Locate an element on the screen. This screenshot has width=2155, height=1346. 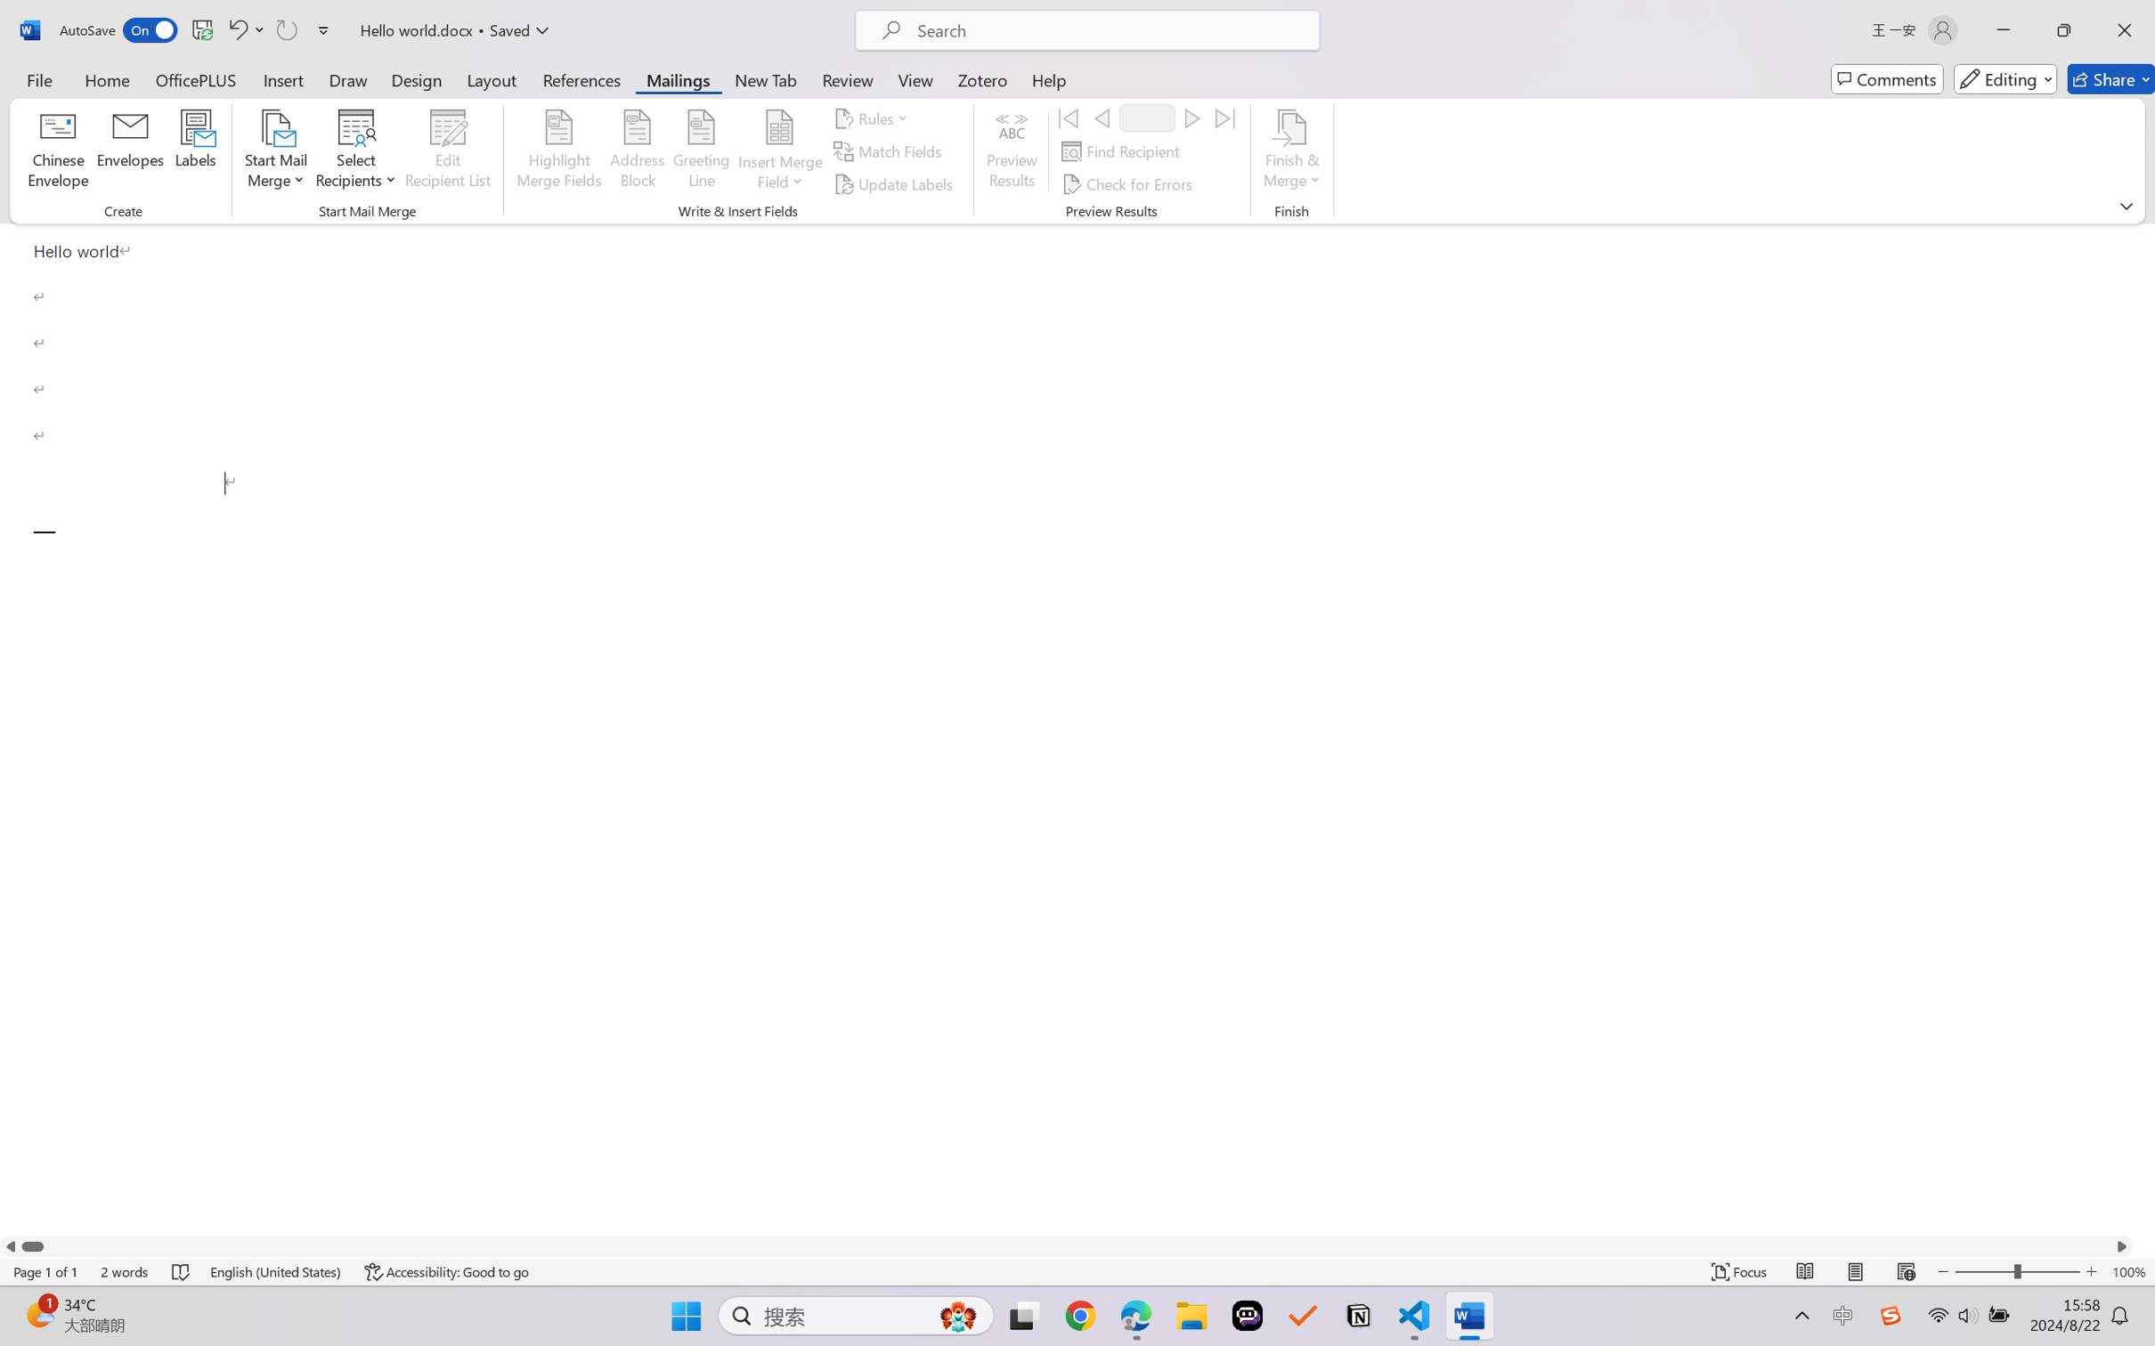
'Start Mail Merge' is located at coordinates (274, 151).